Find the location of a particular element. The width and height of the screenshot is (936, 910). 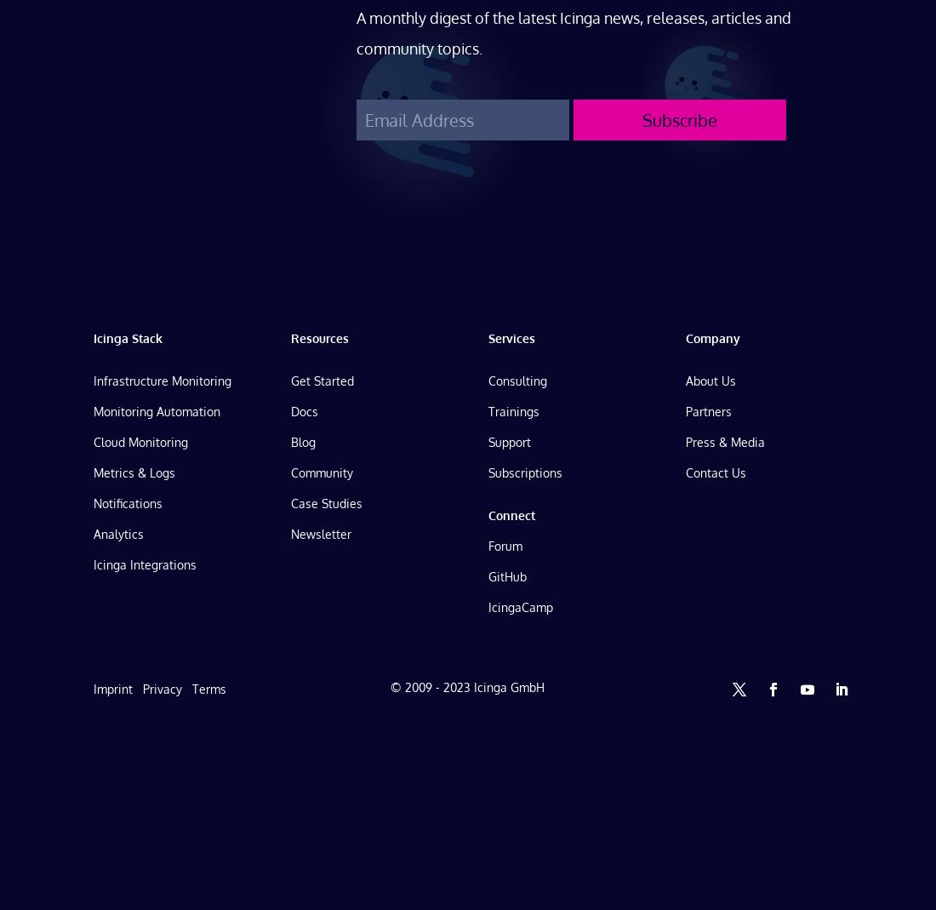

'Resources' is located at coordinates (319, 337).